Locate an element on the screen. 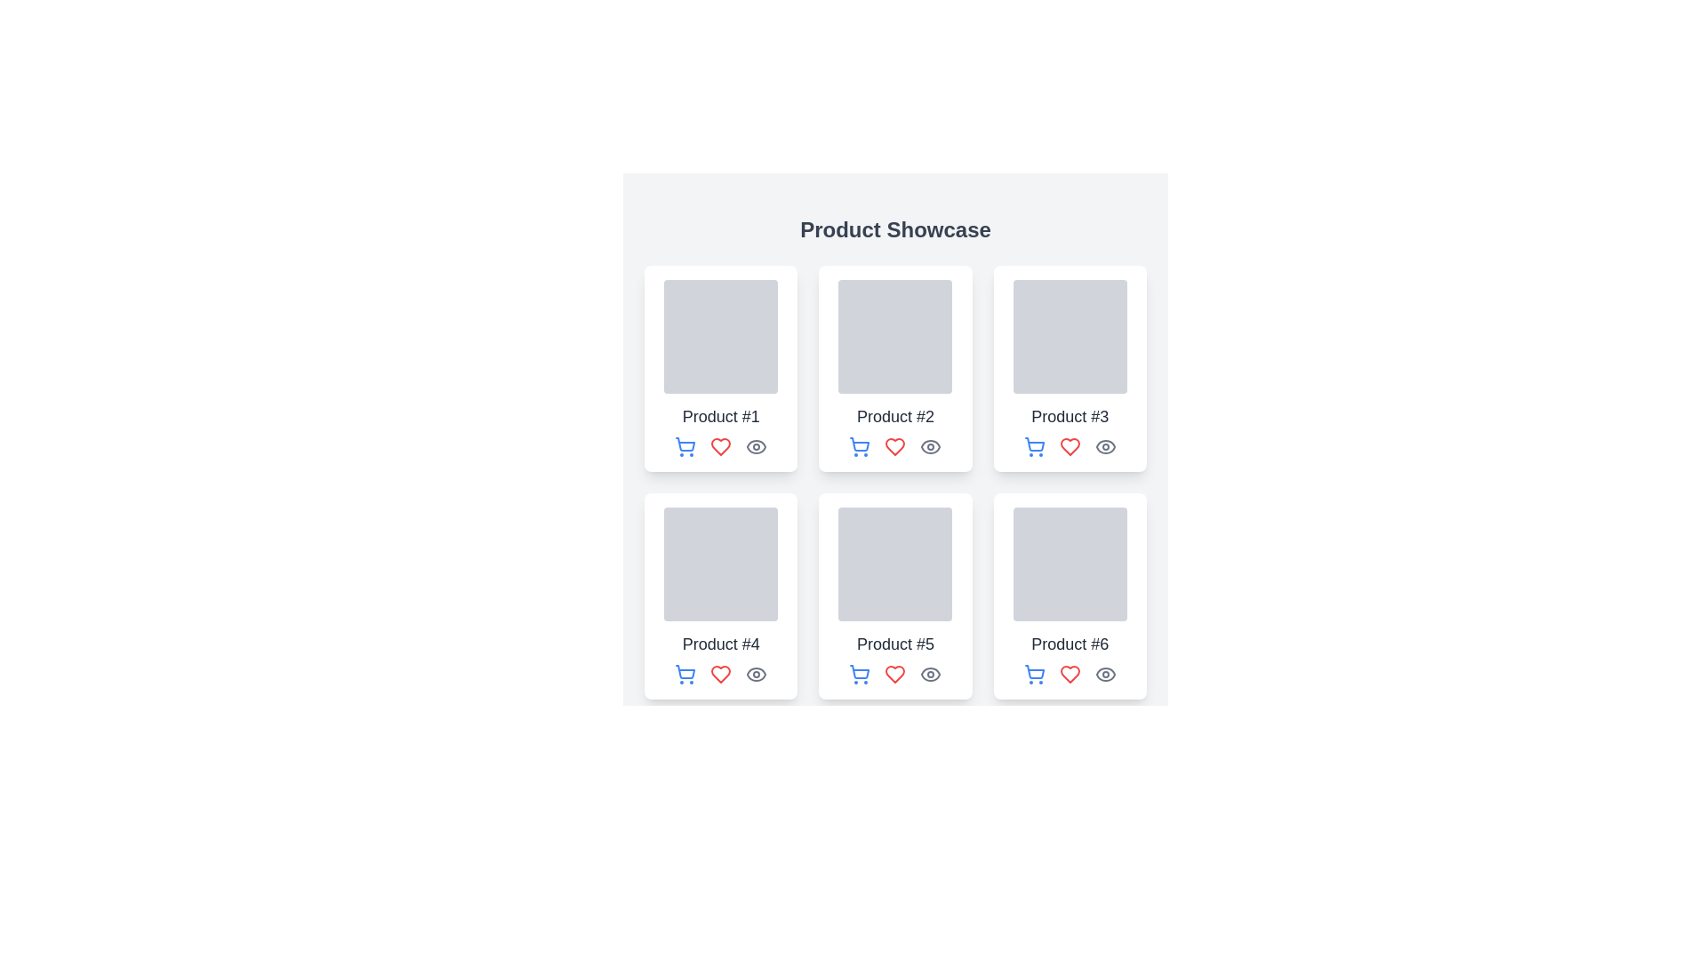 The image size is (1707, 960). text content of the label located in the third product card in the top row of the product showcase grid, which is positioned below the image placeholder and above the row of icons is located at coordinates (1069, 417).